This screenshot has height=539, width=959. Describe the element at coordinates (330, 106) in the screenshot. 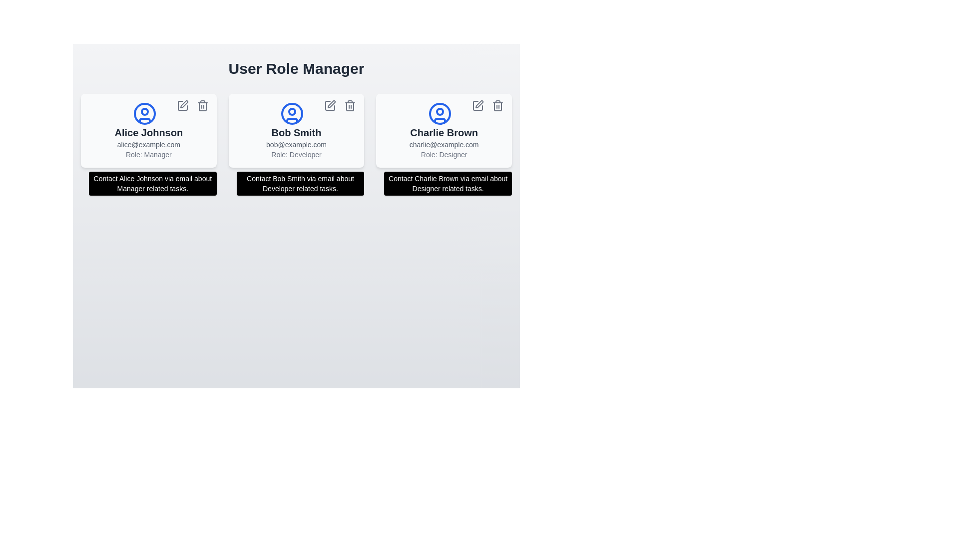

I see `the edit button icon, which is a pen icon in a square outline, located in the top-right region of the card labeled 'Bob Smith'` at that location.